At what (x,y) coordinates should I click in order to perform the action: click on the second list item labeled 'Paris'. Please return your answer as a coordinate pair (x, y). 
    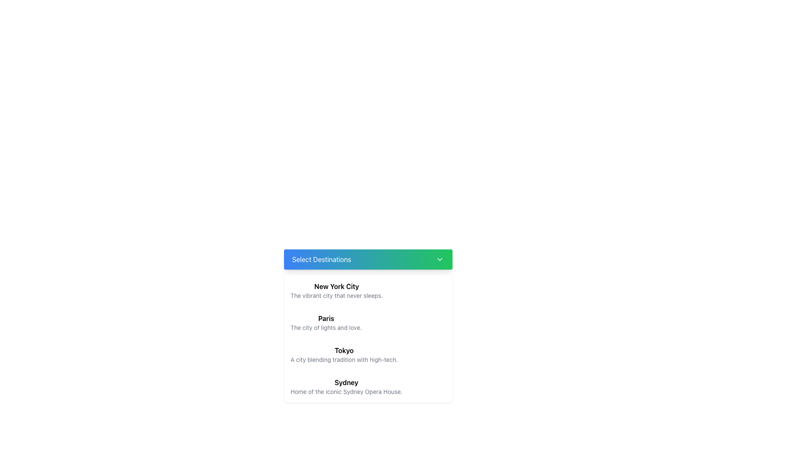
    Looking at the image, I should click on (326, 322).